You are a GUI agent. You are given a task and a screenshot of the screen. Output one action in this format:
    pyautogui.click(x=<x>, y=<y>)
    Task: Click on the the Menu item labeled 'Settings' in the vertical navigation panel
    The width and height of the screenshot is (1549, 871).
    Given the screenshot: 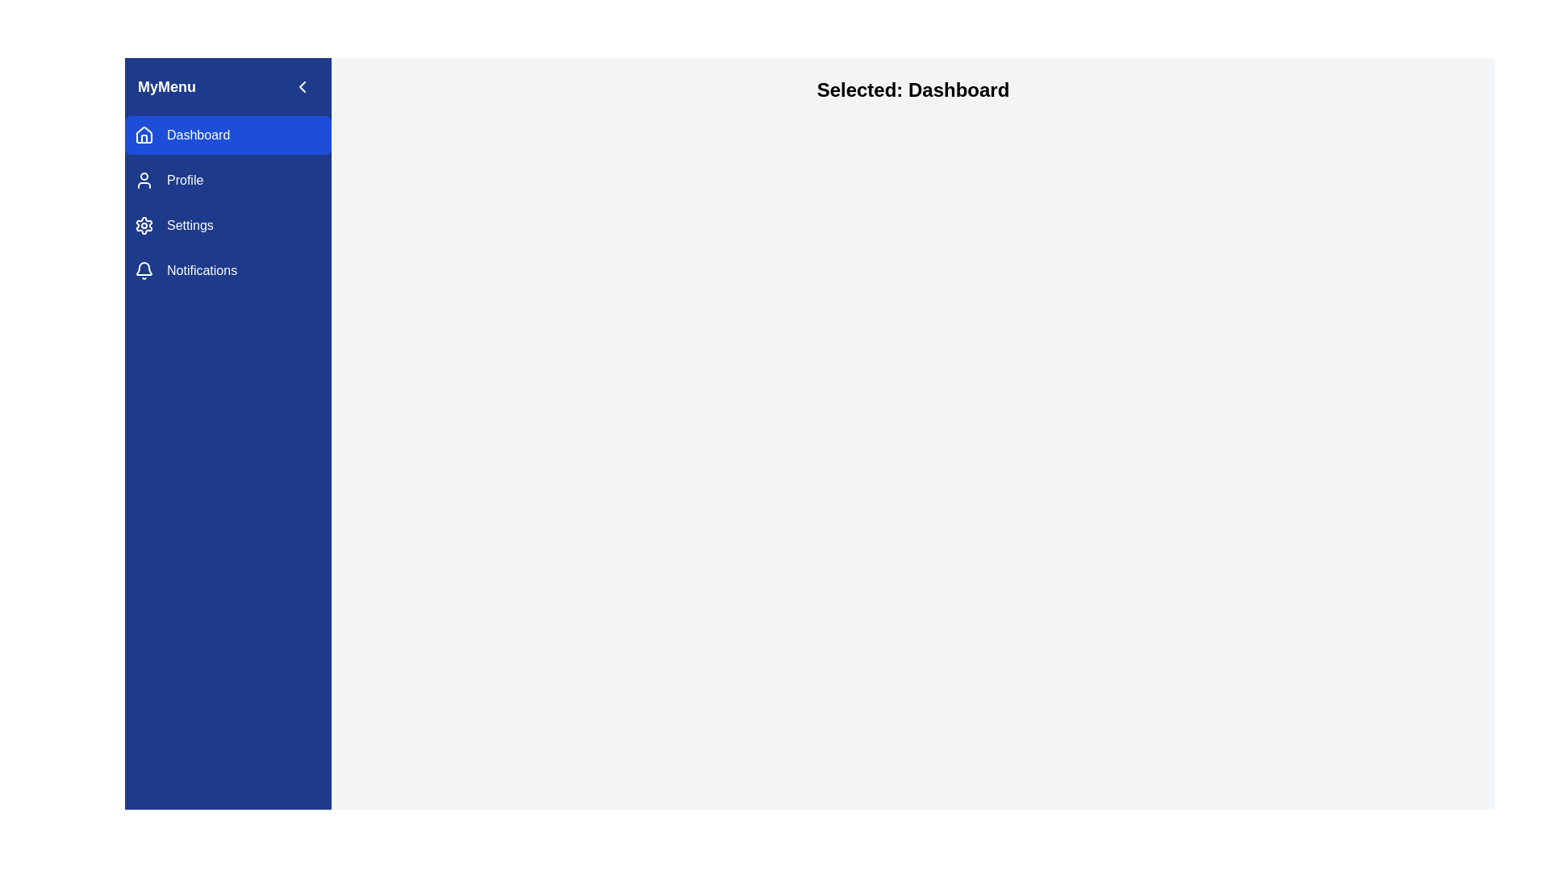 What is the action you would take?
    pyautogui.click(x=190, y=226)
    